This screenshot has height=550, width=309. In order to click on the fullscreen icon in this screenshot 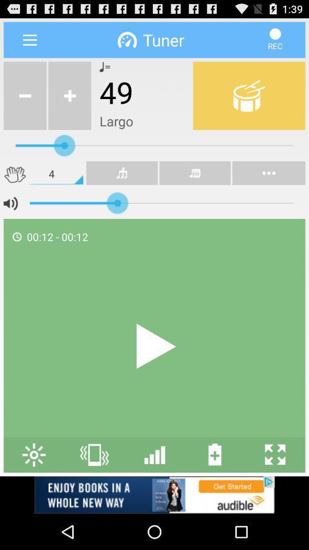, I will do `click(274, 486)`.